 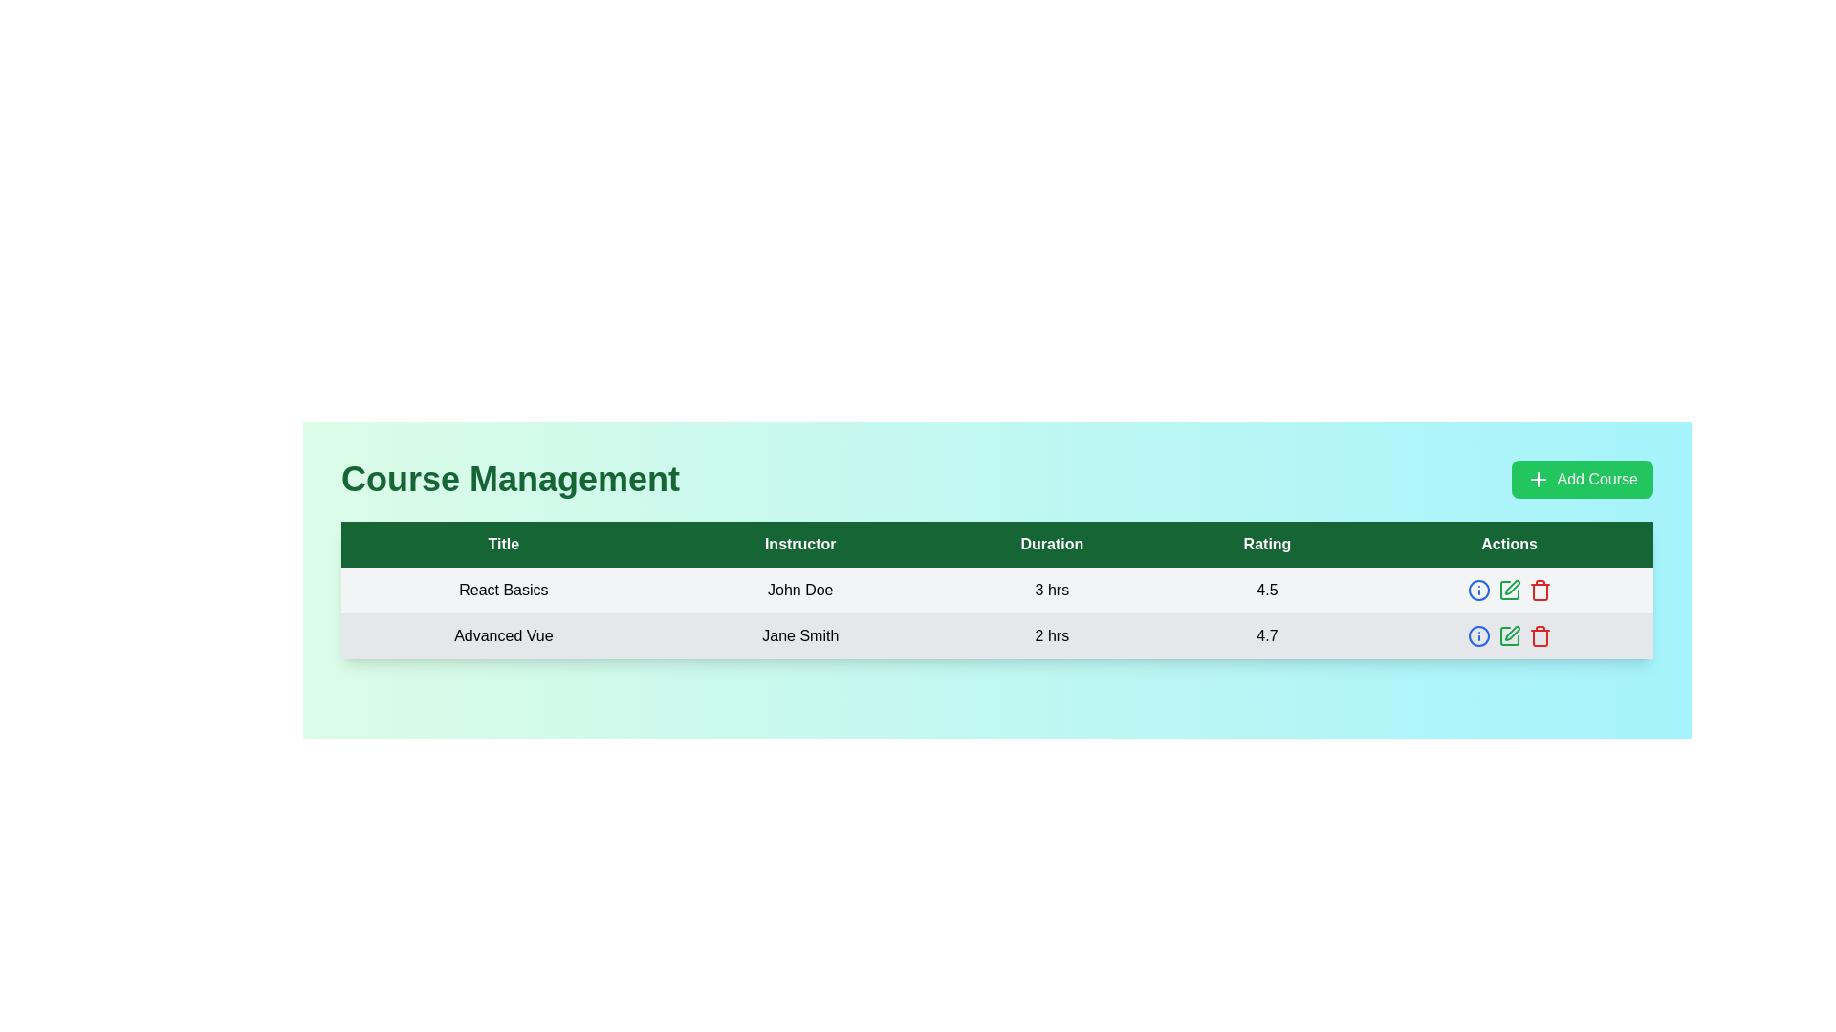 I want to click on the green pen icon in the 'Actions' column of the first row, so click(x=1508, y=589).